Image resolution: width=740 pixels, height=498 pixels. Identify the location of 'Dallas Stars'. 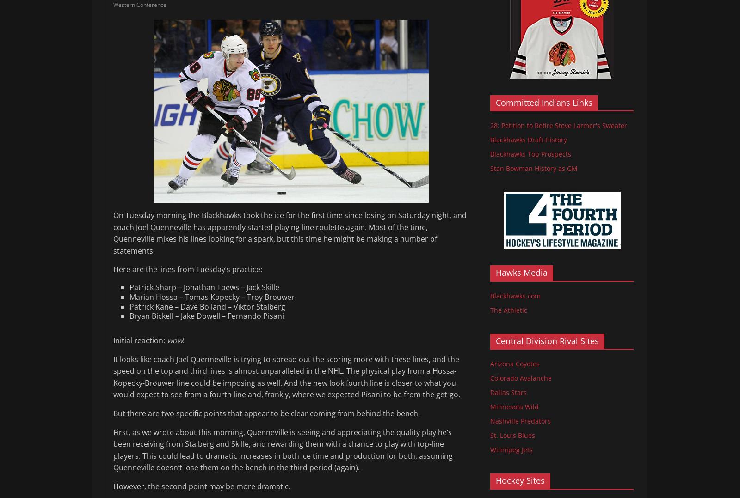
(508, 392).